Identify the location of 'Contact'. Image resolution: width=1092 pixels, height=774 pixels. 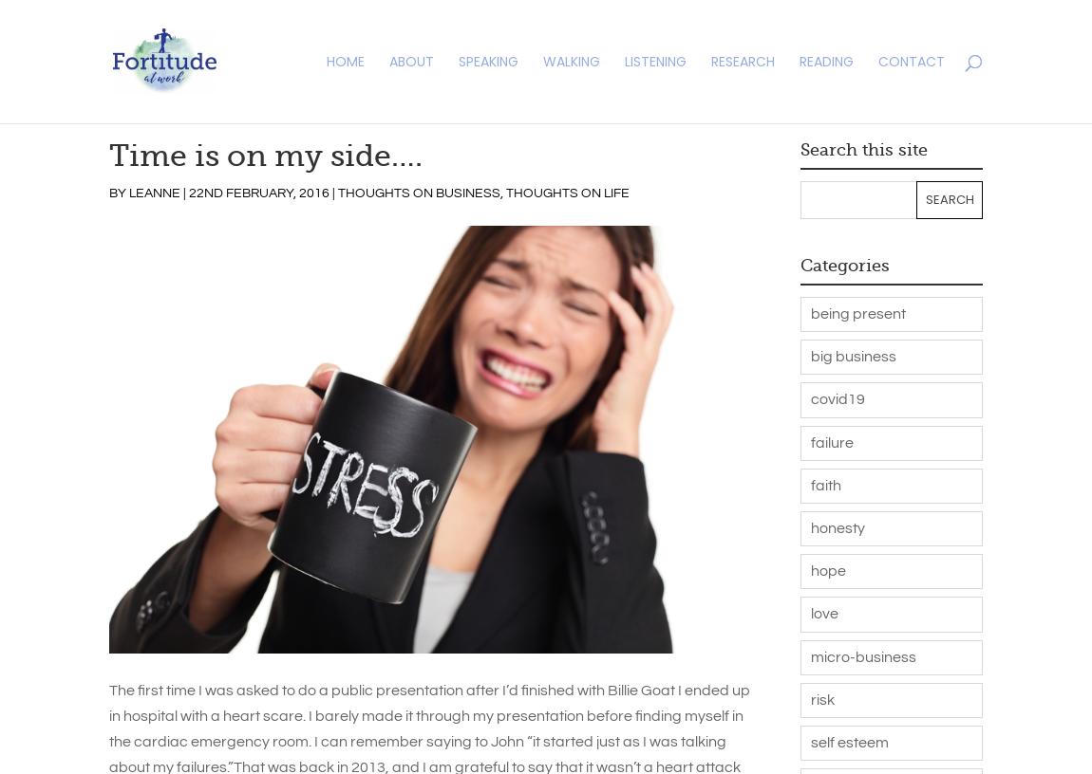
(912, 61).